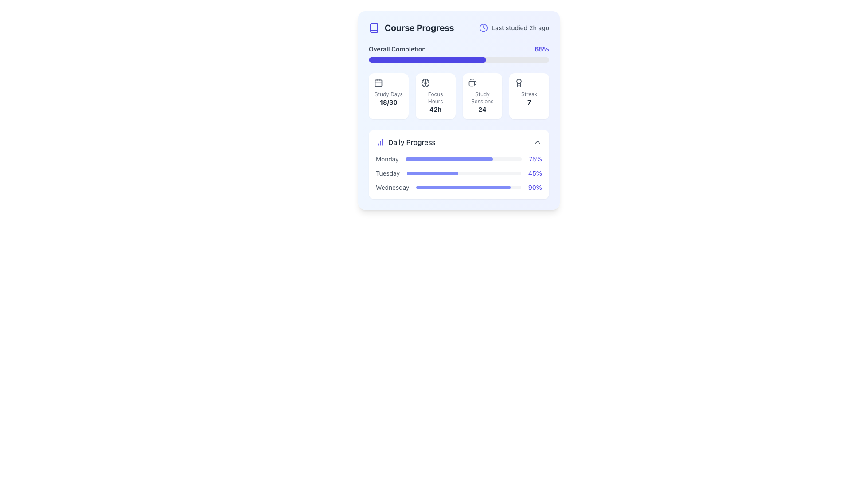 The width and height of the screenshot is (851, 479). What do you see at coordinates (468, 187) in the screenshot?
I see `the progress bar representing 'Wednesday' with a 90% completion rate in the 'Daily Progress' section` at bounding box center [468, 187].